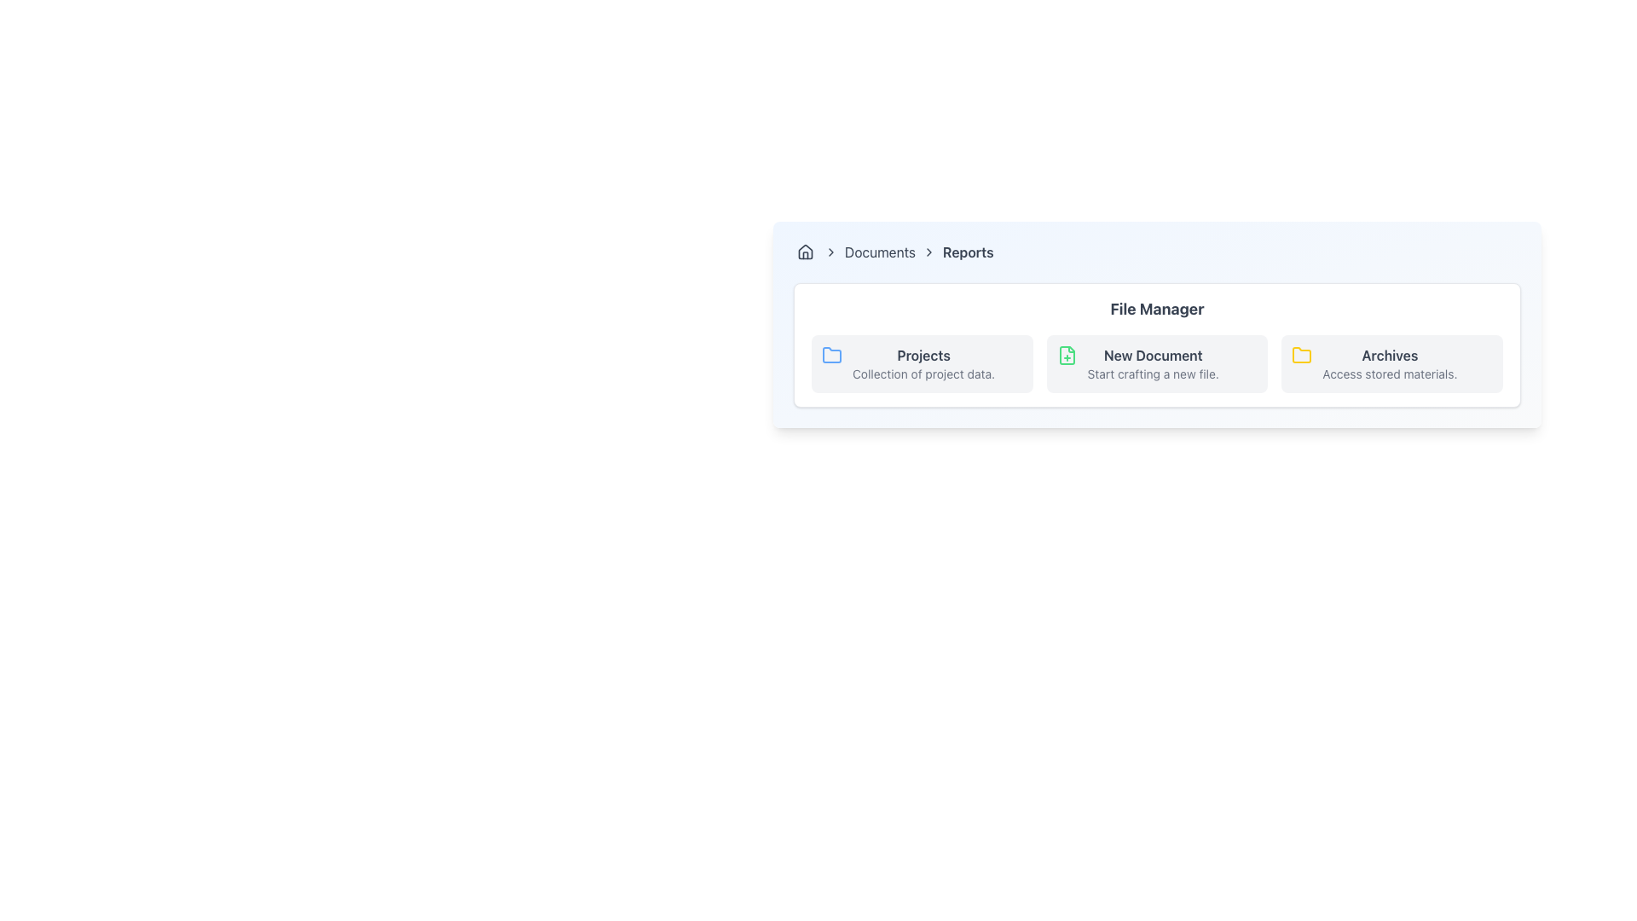 This screenshot has width=1637, height=921. I want to click on the text label that reads 'Start crafting a new file.' which is styled in light gray color and located below the 'New Document' label in the File Manager interface, so click(1153, 374).